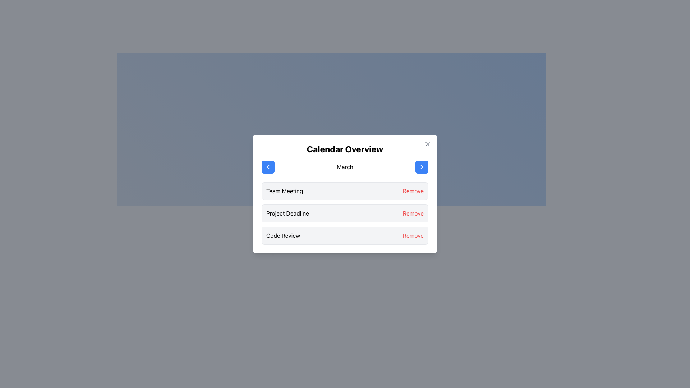 Image resolution: width=690 pixels, height=388 pixels. What do you see at coordinates (413, 213) in the screenshot?
I see `the 'Remove' clickable text link adjacent to 'Project Deadline' to change its styling` at bounding box center [413, 213].